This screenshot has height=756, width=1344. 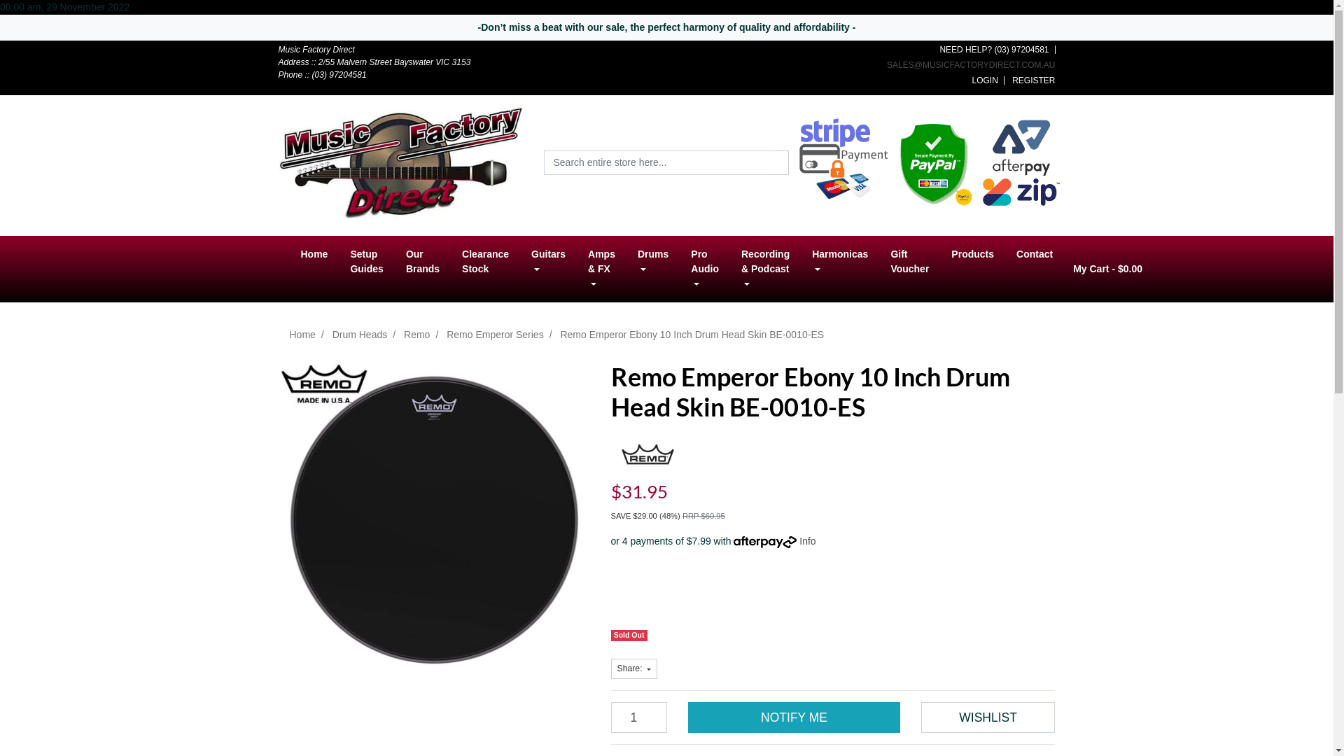 I want to click on 'Product main image', so click(x=433, y=517).